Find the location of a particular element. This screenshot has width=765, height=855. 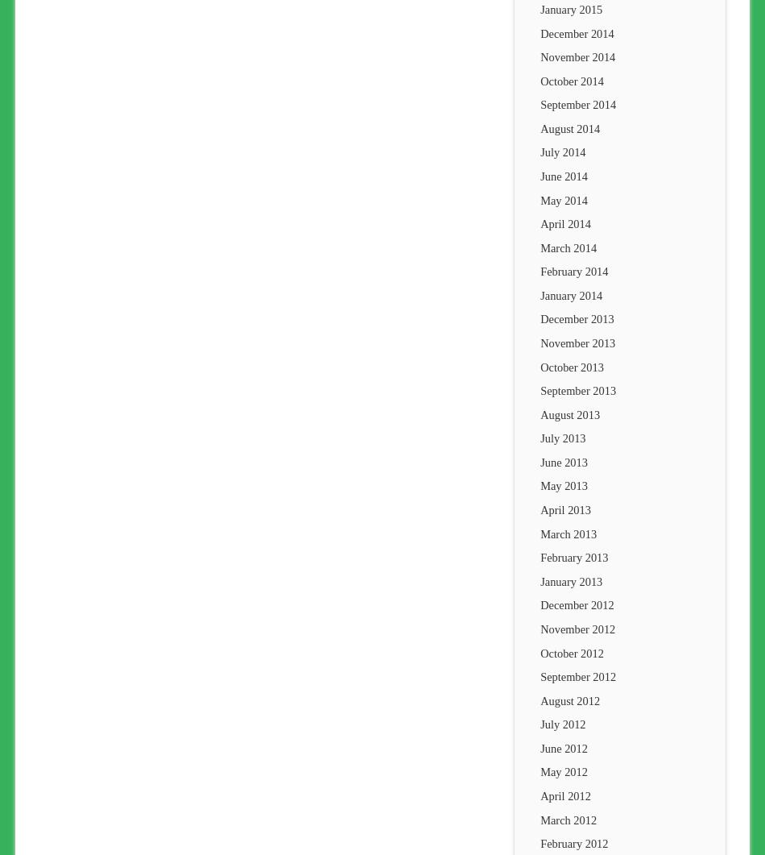

'October 2013' is located at coordinates (572, 366).